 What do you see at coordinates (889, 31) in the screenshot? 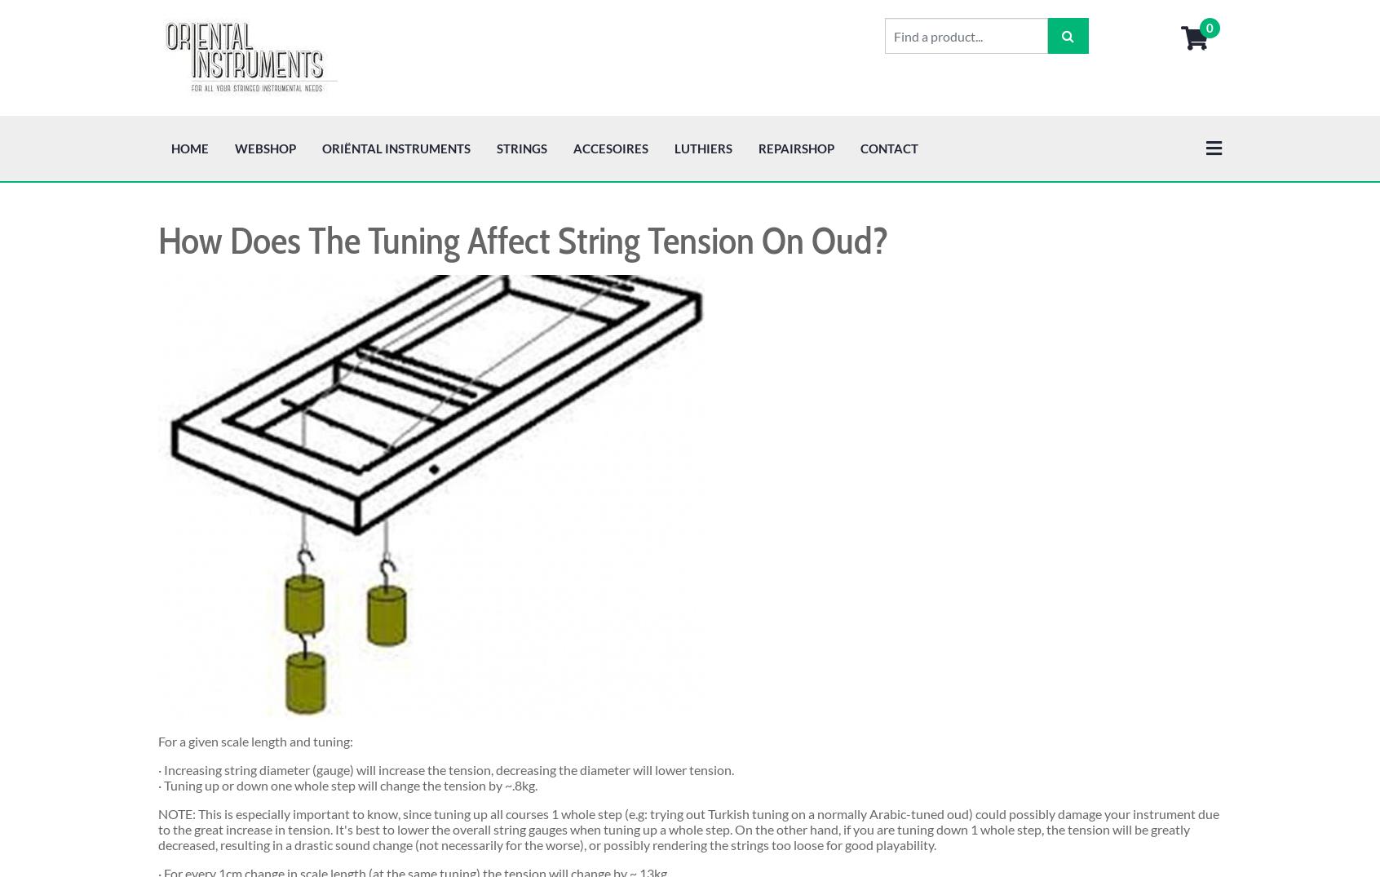
I see `'Contact'` at bounding box center [889, 31].